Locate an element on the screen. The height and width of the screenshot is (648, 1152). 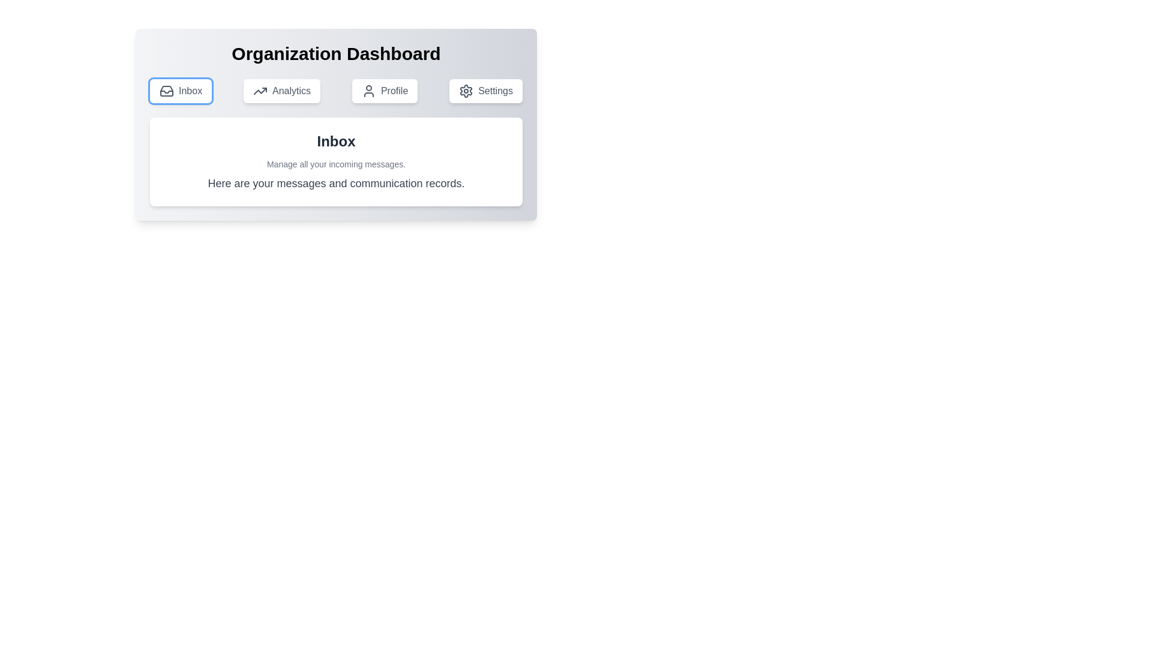
the 'Settings' text label located next to the gear icon in the upper right section of the dashboard interface is located at coordinates (495, 90).